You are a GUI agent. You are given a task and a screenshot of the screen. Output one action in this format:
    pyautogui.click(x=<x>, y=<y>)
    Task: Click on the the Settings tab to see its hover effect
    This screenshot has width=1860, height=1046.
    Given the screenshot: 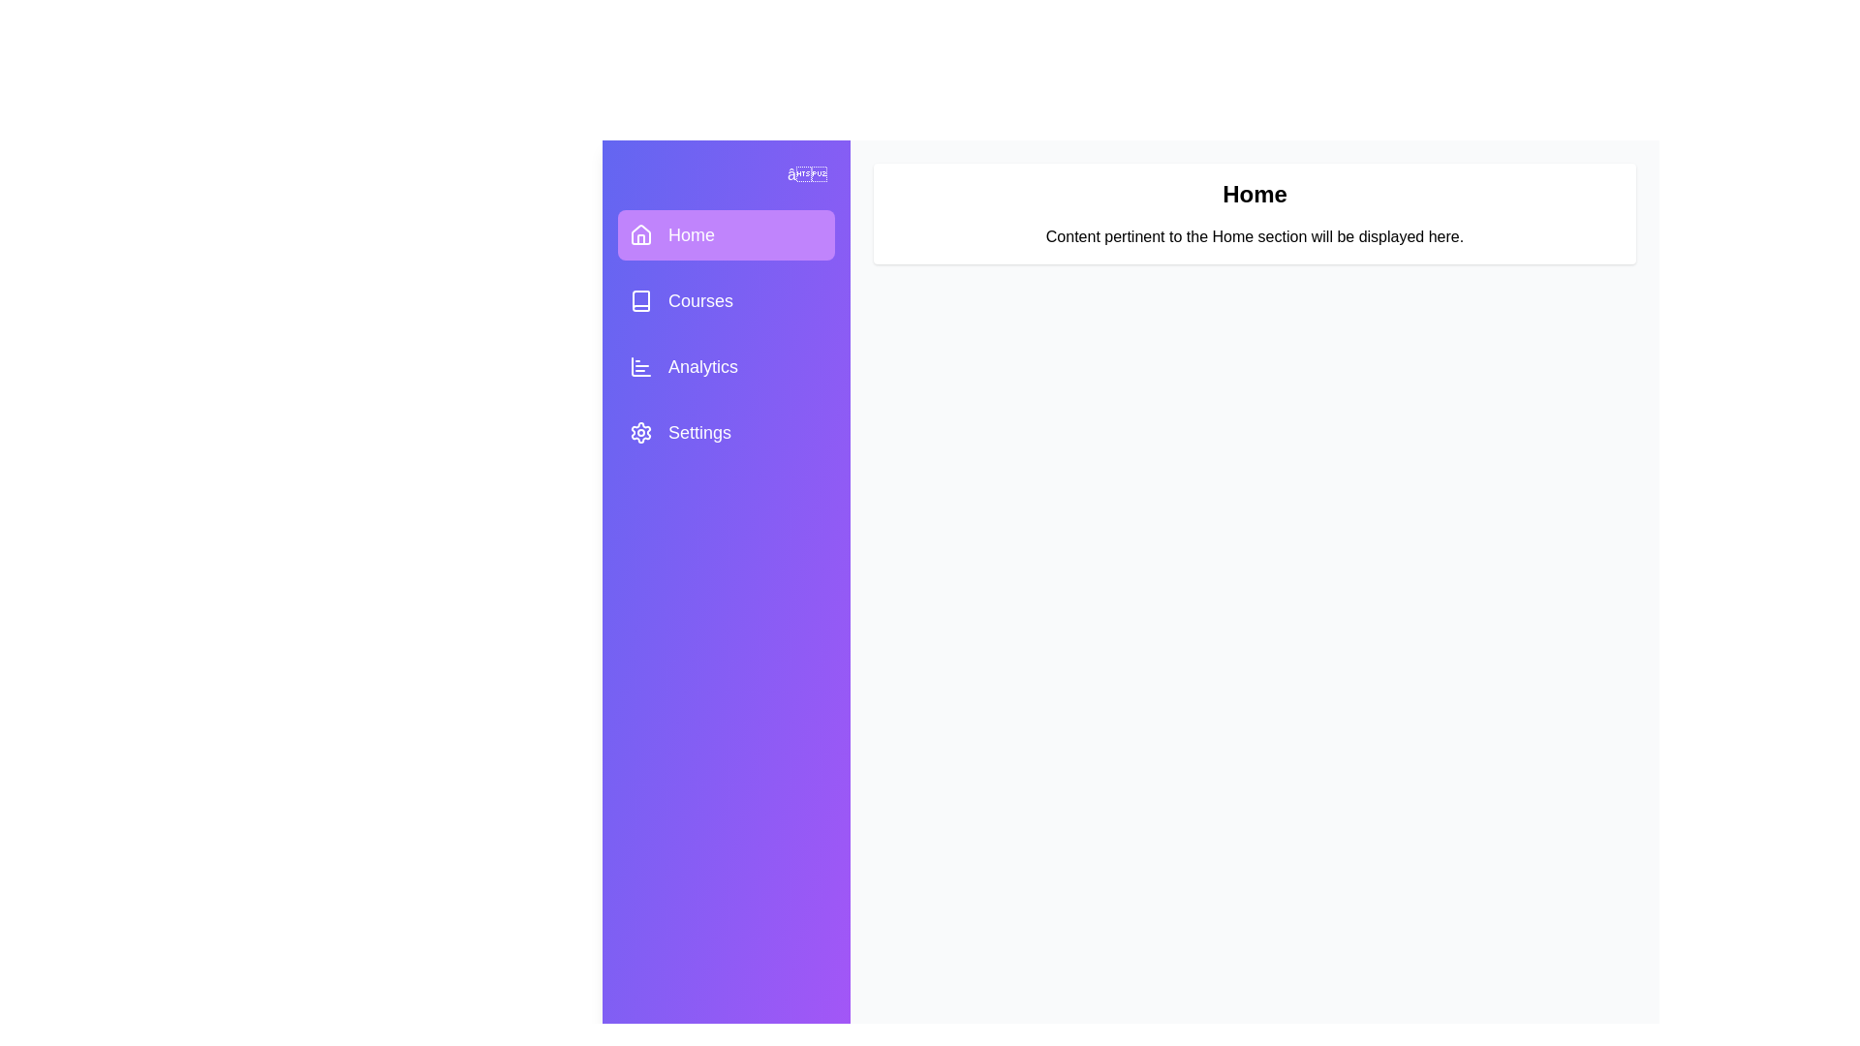 What is the action you would take?
    pyautogui.click(x=725, y=432)
    